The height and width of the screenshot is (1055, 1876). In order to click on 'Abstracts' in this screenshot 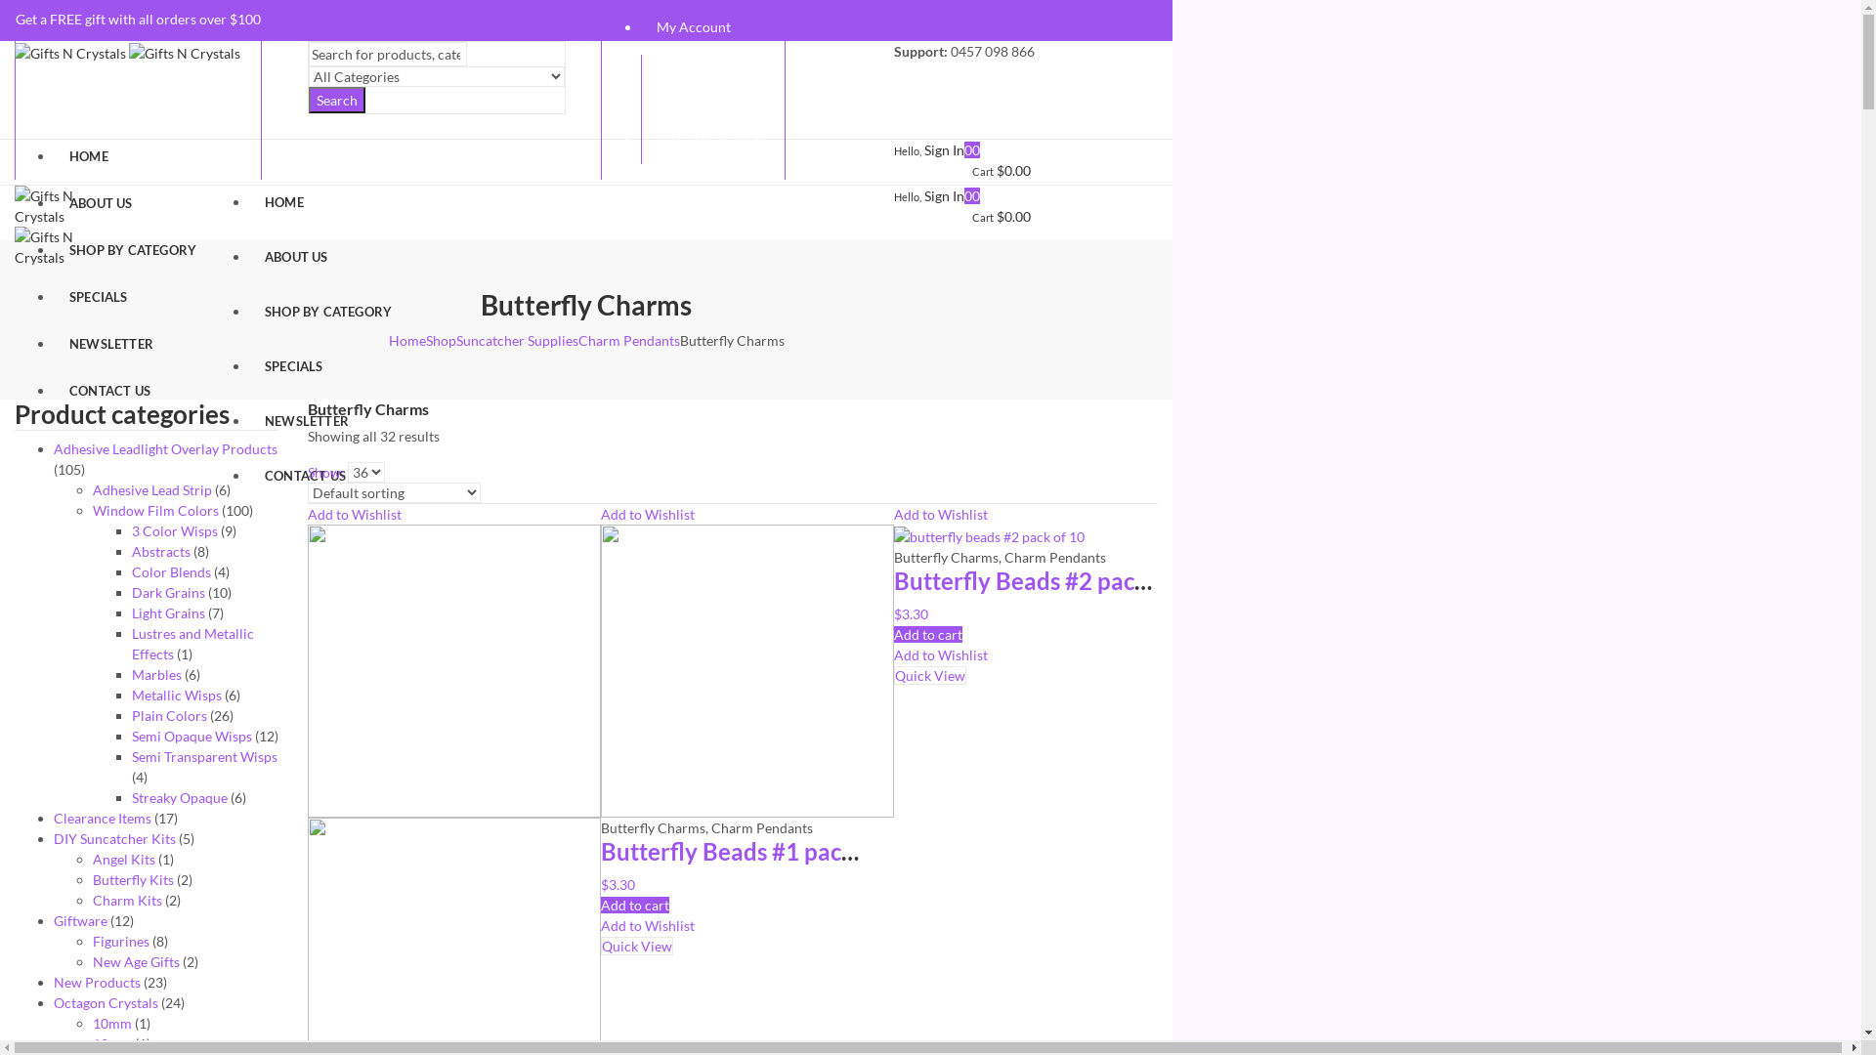, I will do `click(160, 551)`.